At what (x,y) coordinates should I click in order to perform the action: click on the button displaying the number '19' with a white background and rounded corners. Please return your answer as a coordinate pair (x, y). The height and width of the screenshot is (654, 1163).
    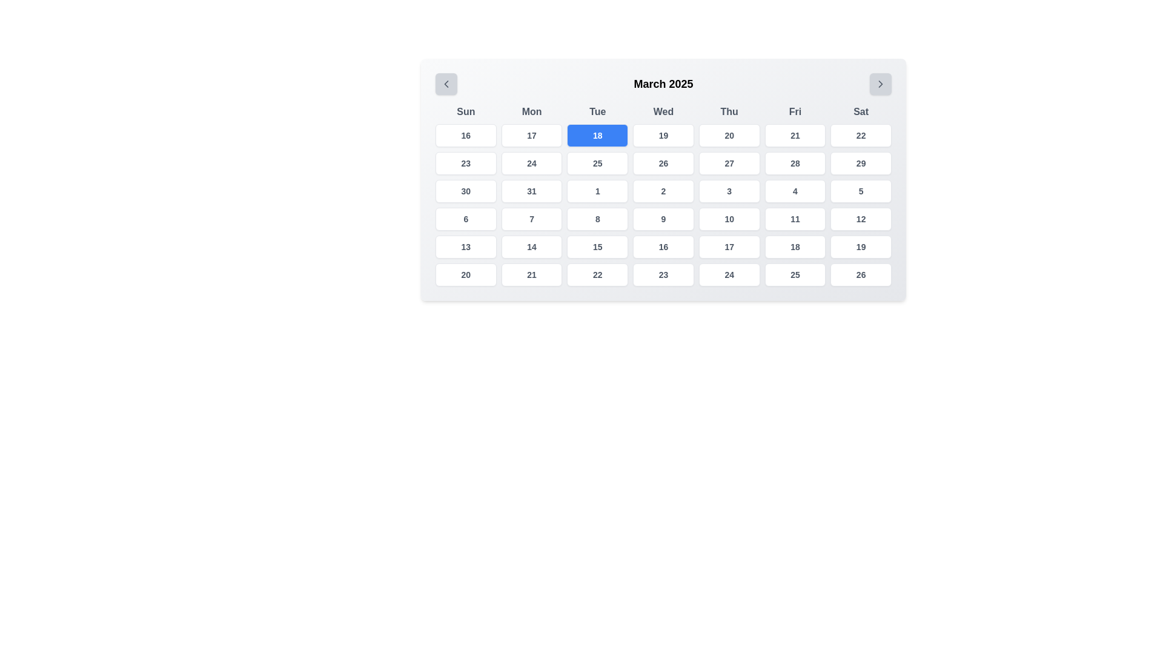
    Looking at the image, I should click on (860, 246).